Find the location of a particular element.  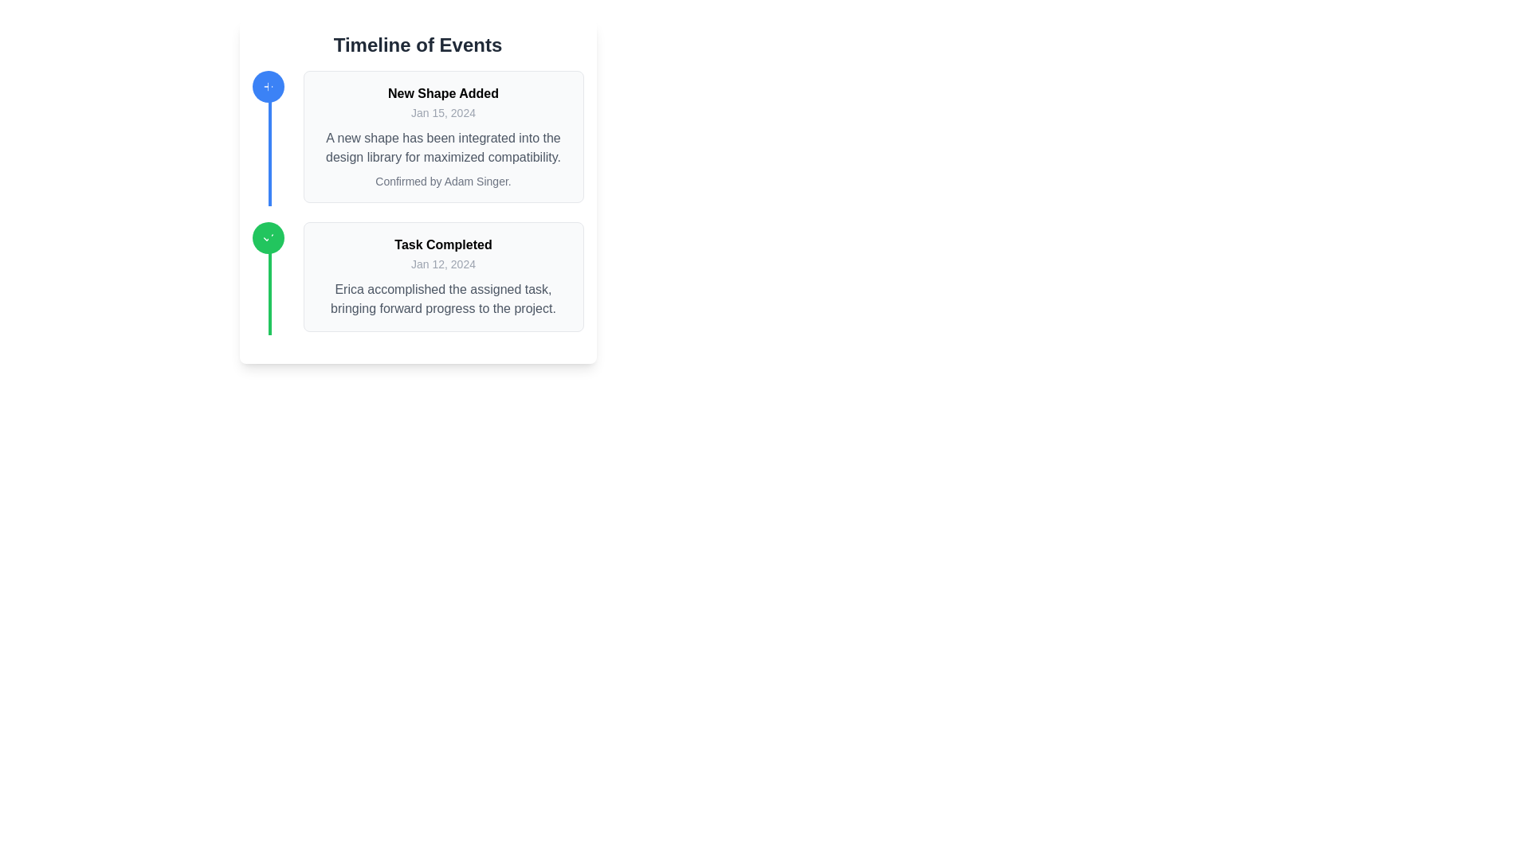

the thin vertical green line that serves as a separator between the circular icon and the text block in the 'Task Completed' section is located at coordinates (269, 279).